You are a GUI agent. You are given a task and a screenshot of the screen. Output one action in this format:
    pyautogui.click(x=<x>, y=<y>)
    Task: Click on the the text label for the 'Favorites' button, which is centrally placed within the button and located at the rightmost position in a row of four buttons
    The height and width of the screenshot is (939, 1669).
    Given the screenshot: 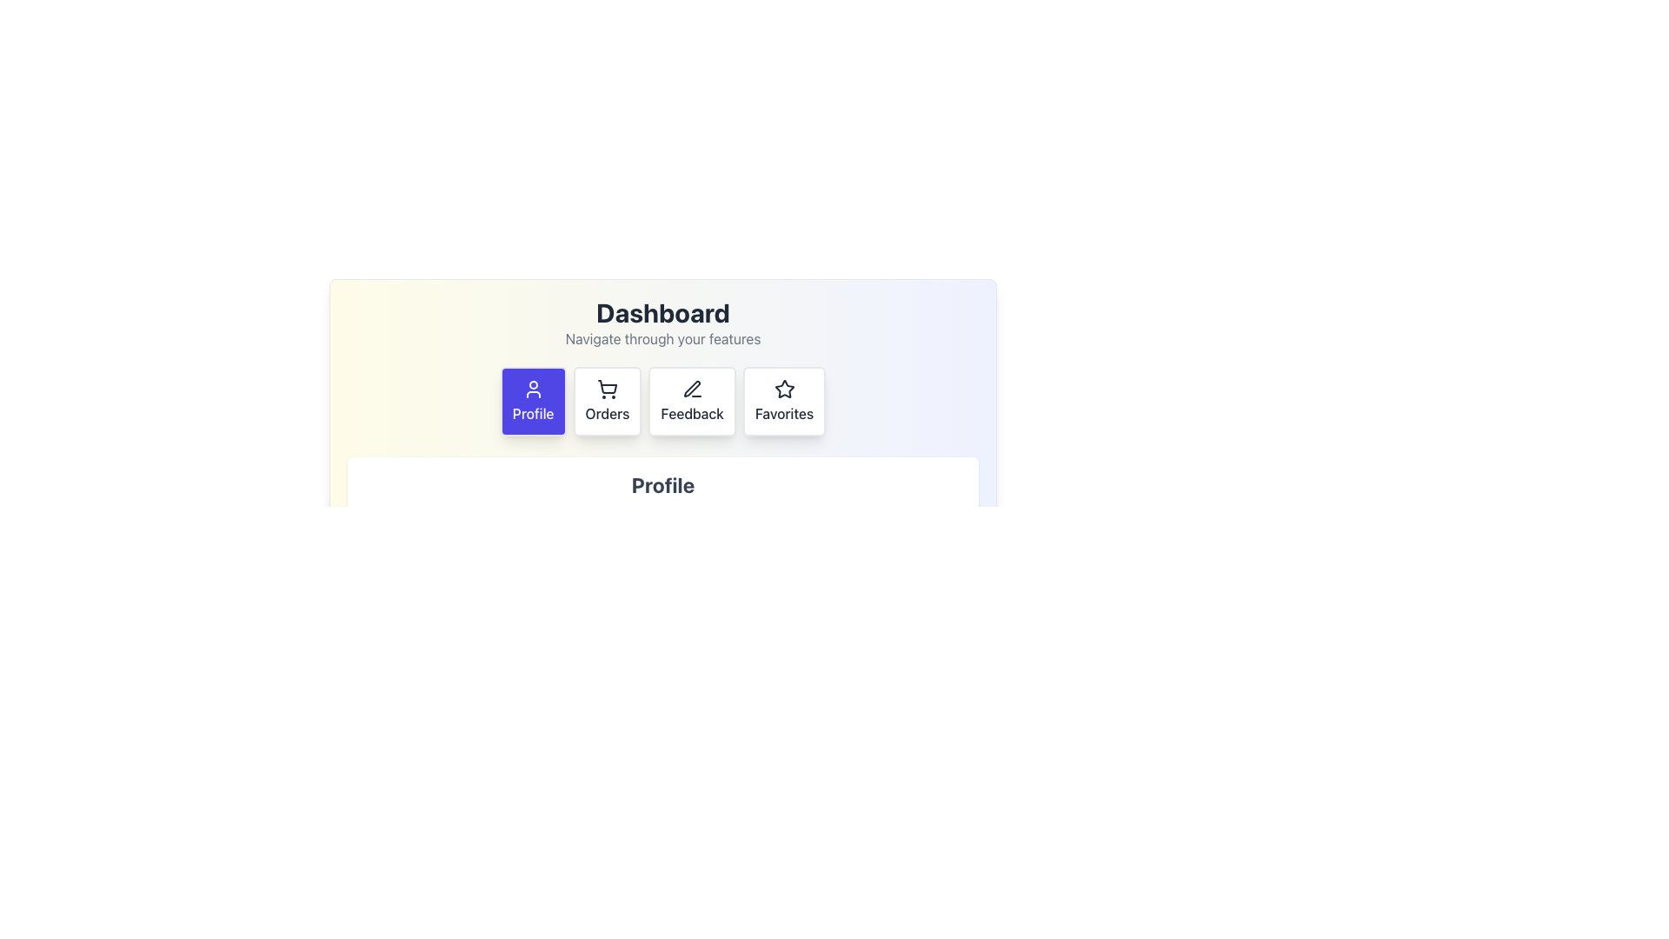 What is the action you would take?
    pyautogui.click(x=783, y=413)
    